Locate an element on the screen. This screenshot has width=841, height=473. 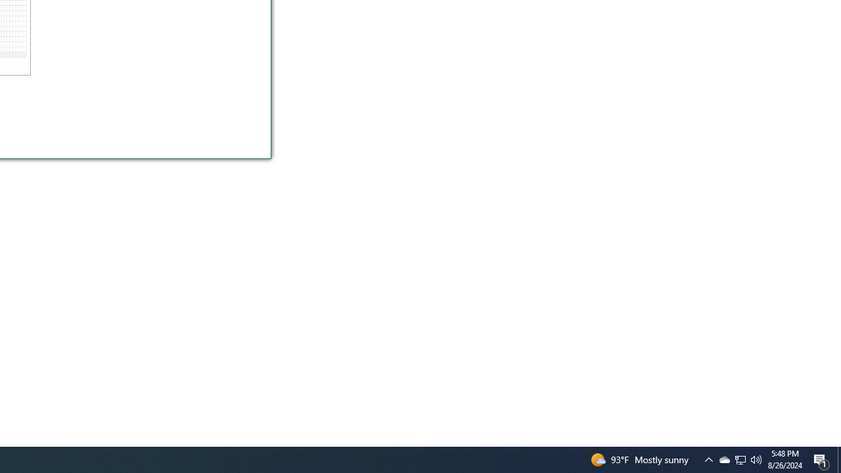
'User Promoted Notification Area' is located at coordinates (740, 459).